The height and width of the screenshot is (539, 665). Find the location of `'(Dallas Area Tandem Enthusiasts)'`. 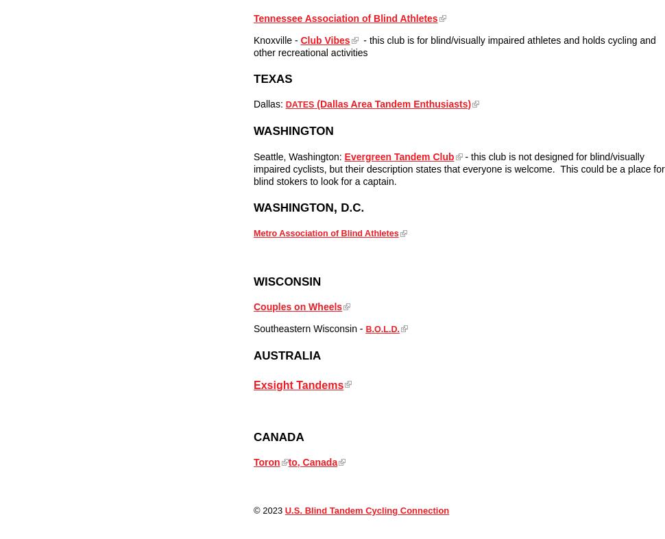

'(Dallas Area Tandem Enthusiasts)' is located at coordinates (391, 103).